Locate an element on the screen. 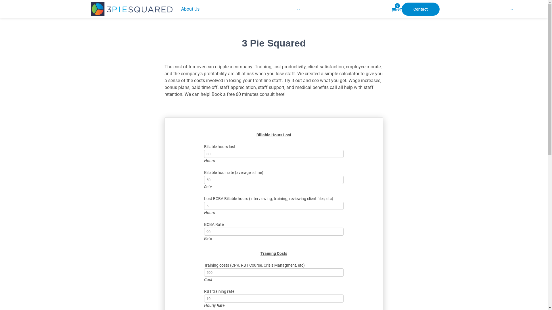 This screenshot has height=310, width=552. 'About Us' is located at coordinates (178, 9).